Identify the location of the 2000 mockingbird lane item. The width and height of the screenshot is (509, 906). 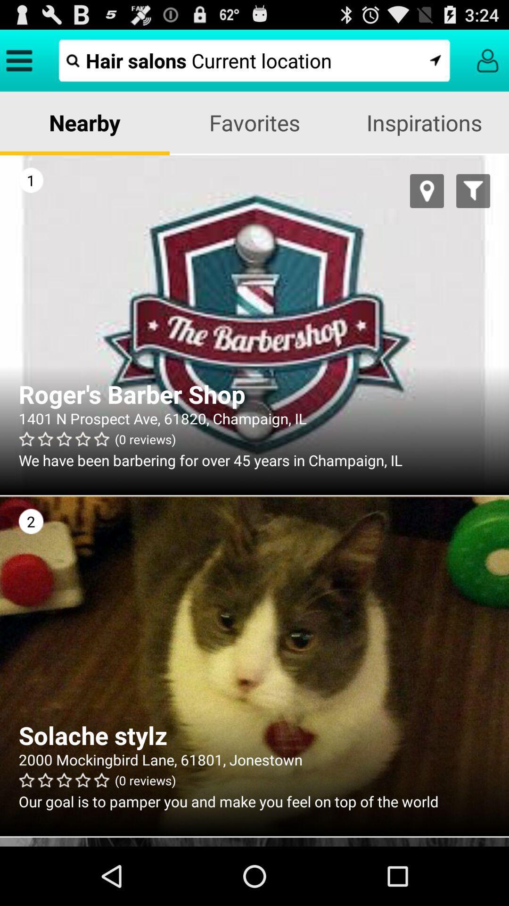
(254, 759).